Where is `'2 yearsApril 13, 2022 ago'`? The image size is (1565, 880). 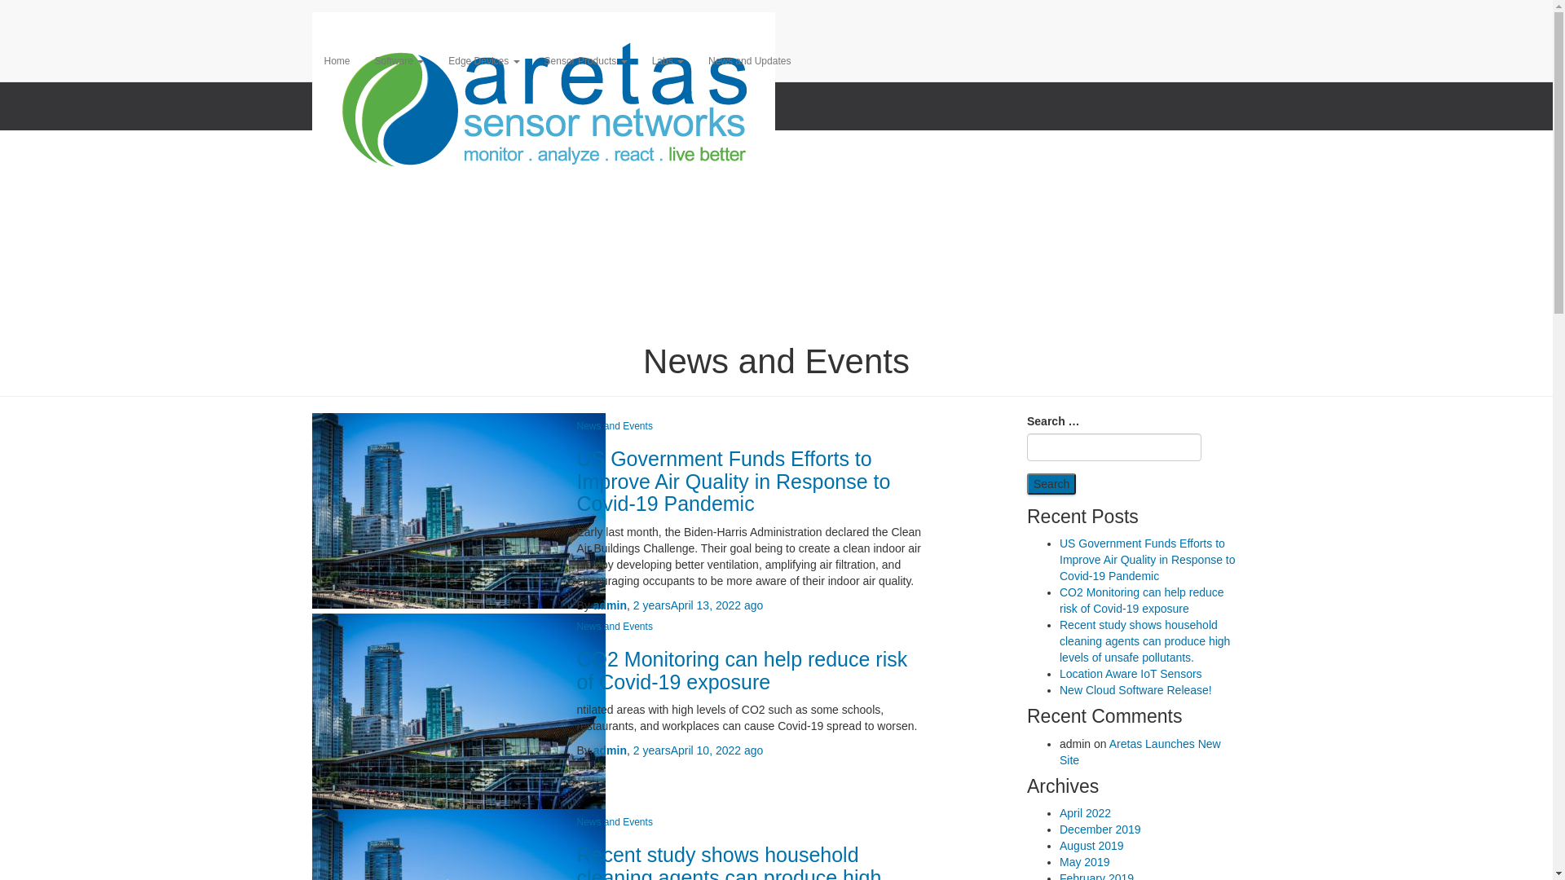 '2 yearsApril 13, 2022 ago' is located at coordinates (699, 605).